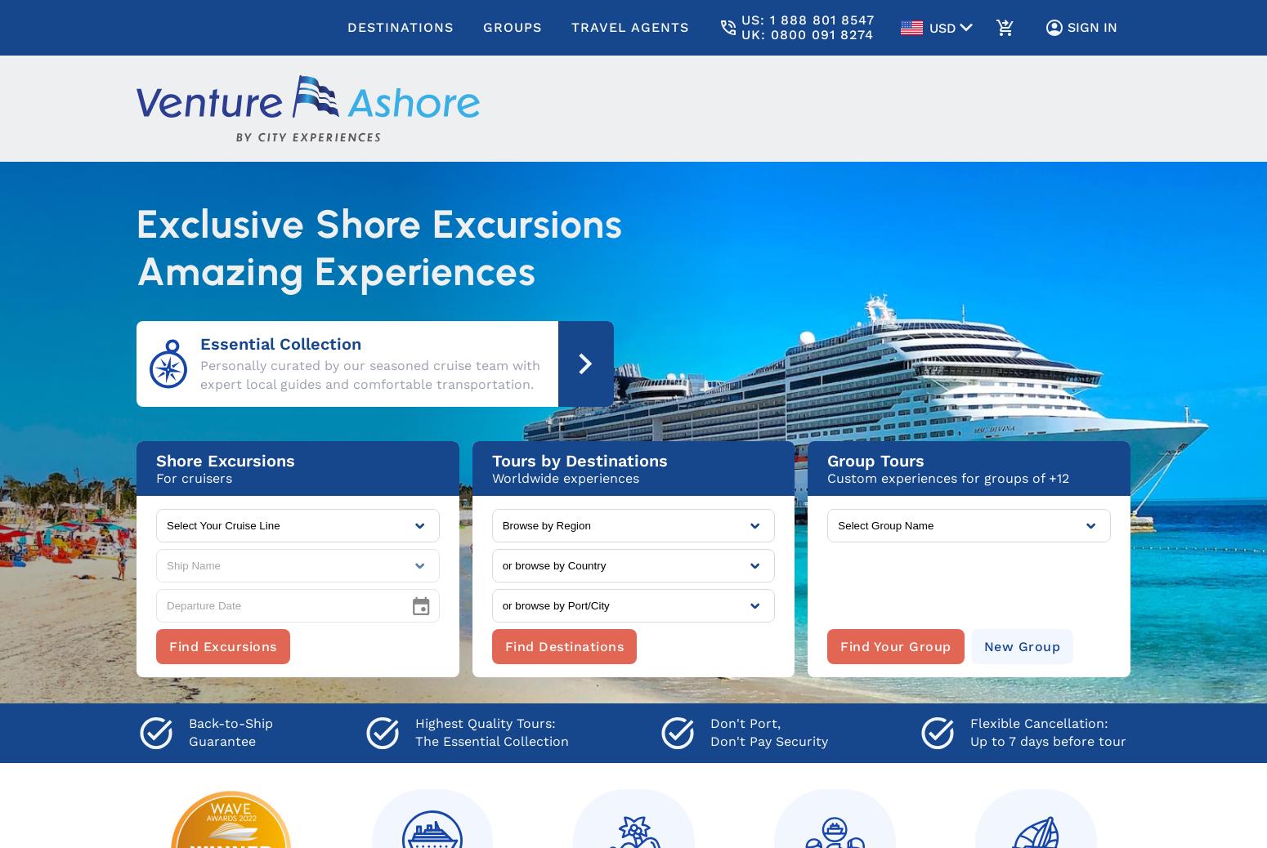  I want to click on 'Don't  Pay Security', so click(768, 741).